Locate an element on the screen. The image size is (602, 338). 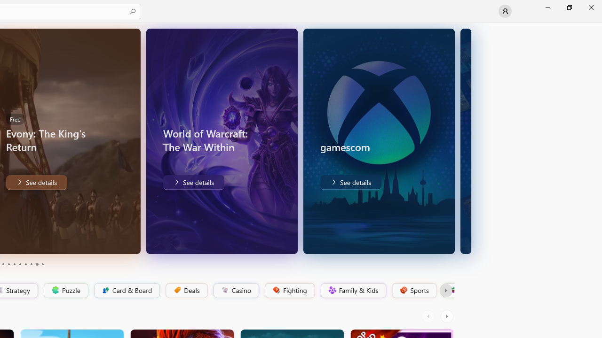
'AutomationID: LeftScrollButton' is located at coordinates (429, 316).